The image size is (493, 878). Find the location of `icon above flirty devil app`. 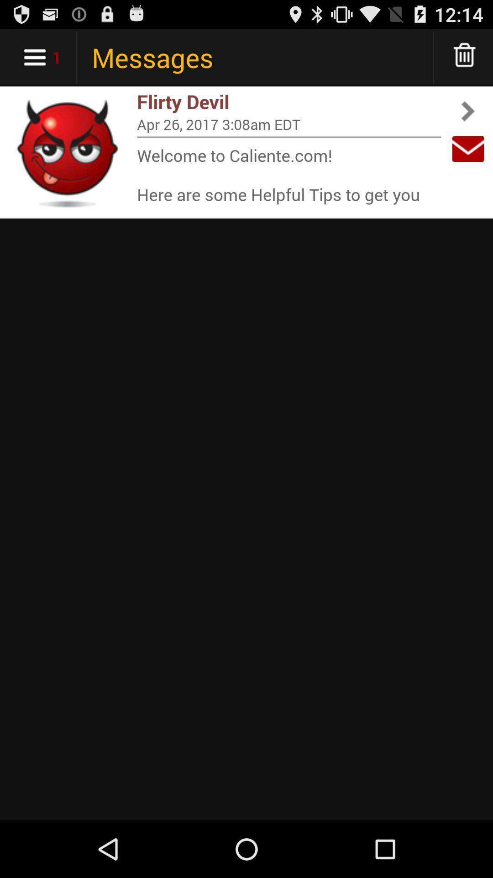

icon above flirty devil app is located at coordinates (465, 57).